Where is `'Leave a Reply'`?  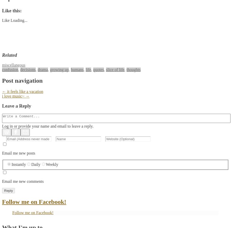 'Leave a Reply' is located at coordinates (16, 106).